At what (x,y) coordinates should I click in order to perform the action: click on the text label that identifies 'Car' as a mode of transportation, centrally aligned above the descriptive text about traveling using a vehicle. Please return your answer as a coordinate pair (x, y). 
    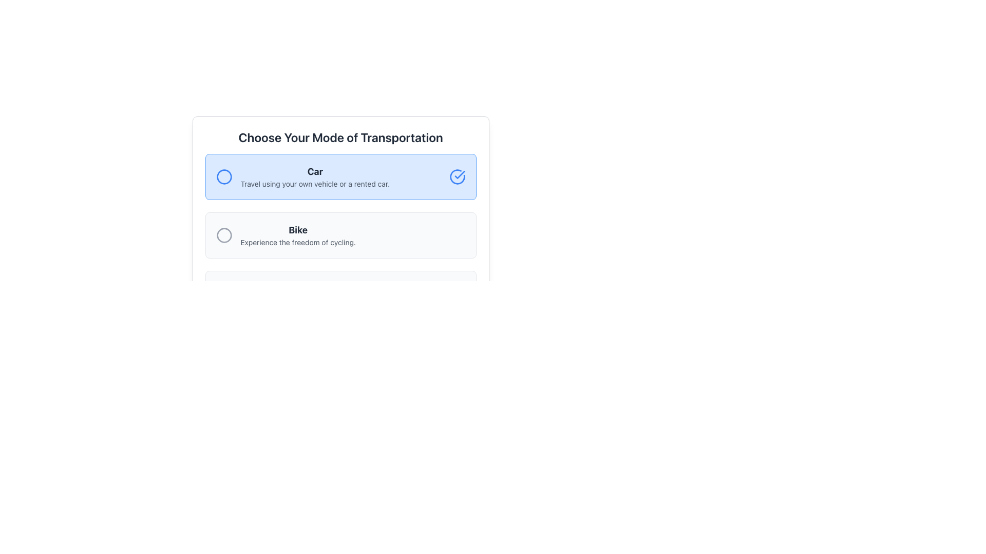
    Looking at the image, I should click on (314, 171).